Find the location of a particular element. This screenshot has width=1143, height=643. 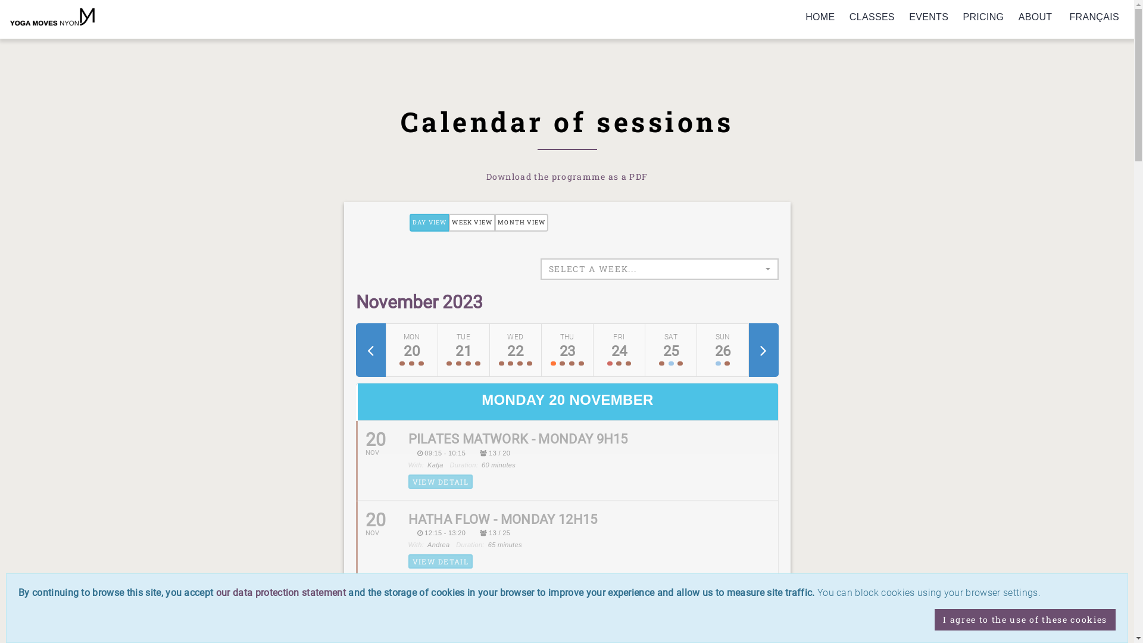

'HOME' is located at coordinates (819, 17).